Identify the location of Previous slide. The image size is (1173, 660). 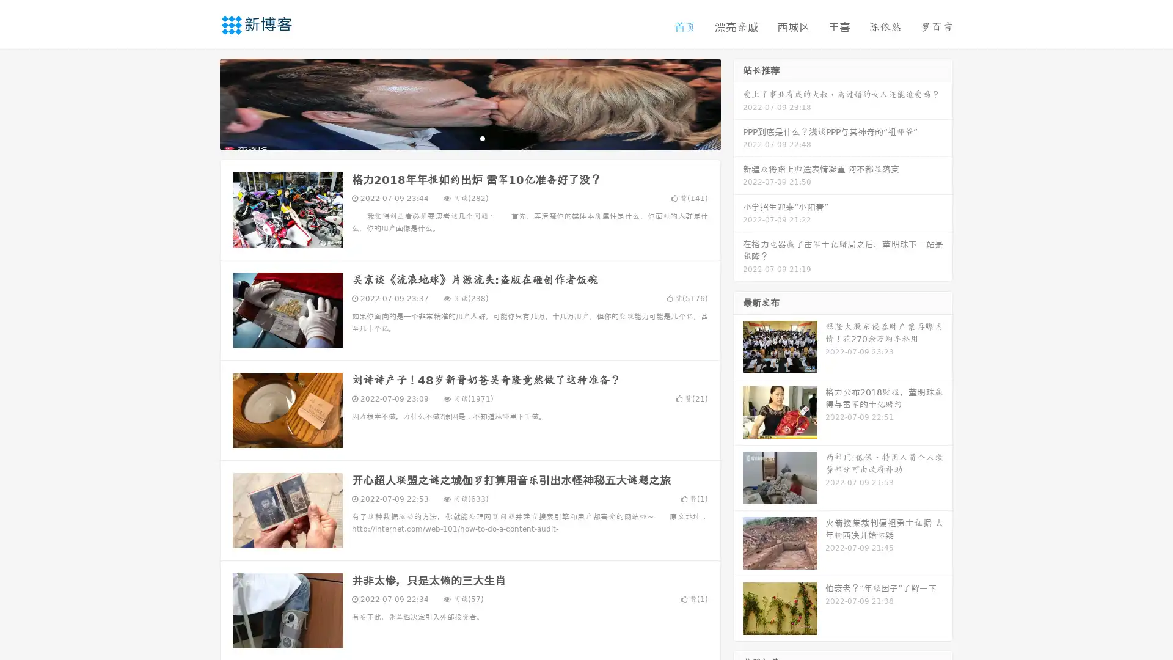
(202, 103).